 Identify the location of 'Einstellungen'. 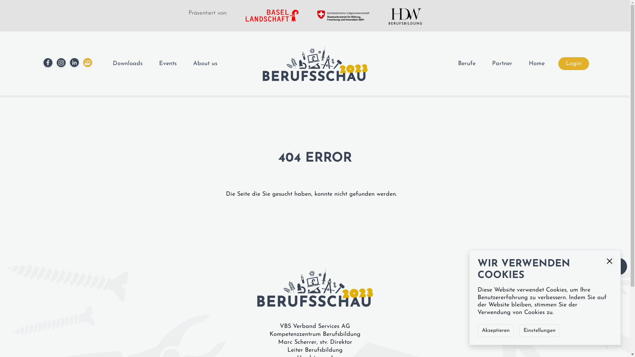
(539, 330).